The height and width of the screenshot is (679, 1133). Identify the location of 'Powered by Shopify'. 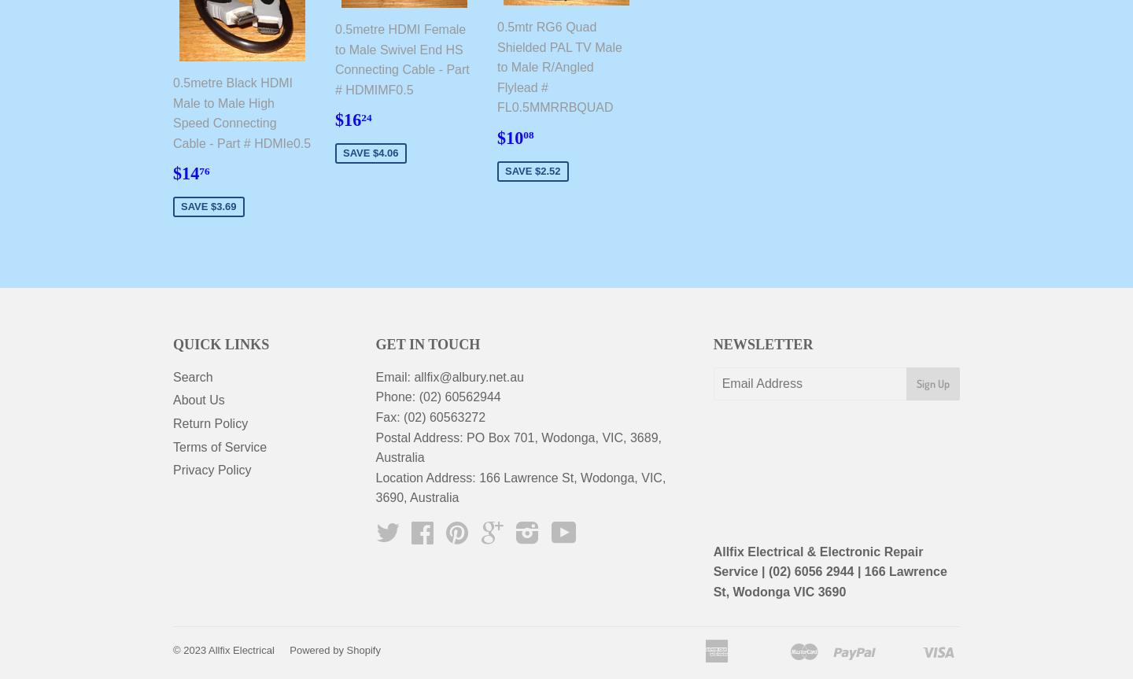
(289, 648).